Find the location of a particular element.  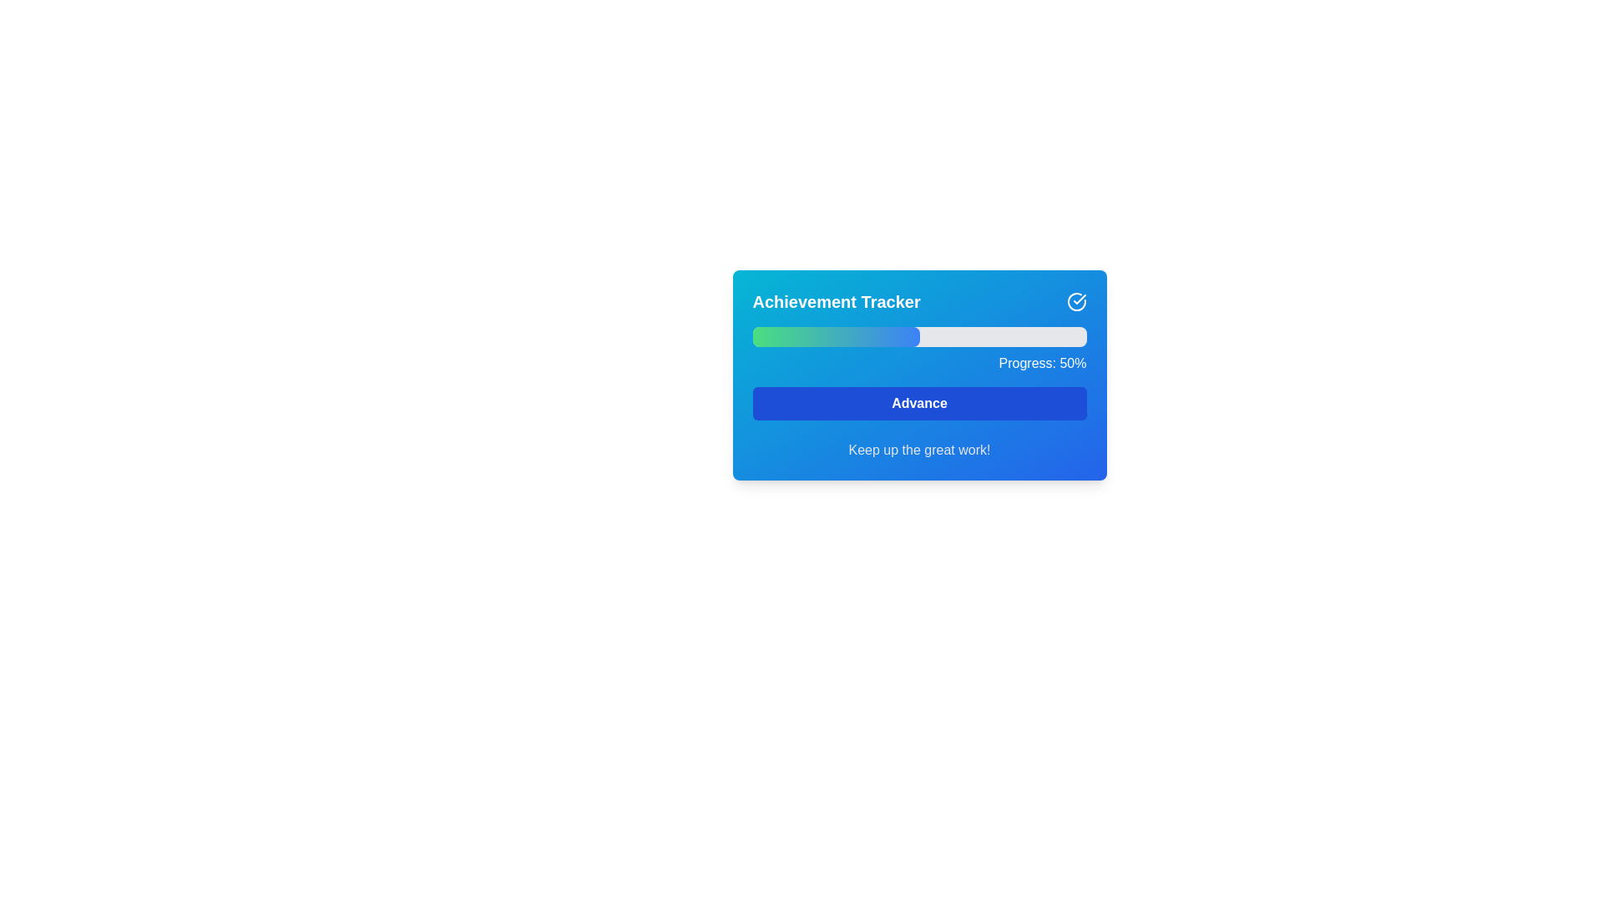

the filled progress indicator that visually represents 50% of progress, located below the 'Achievement Tracker' title and above the 'Advance' button is located at coordinates (836, 337).